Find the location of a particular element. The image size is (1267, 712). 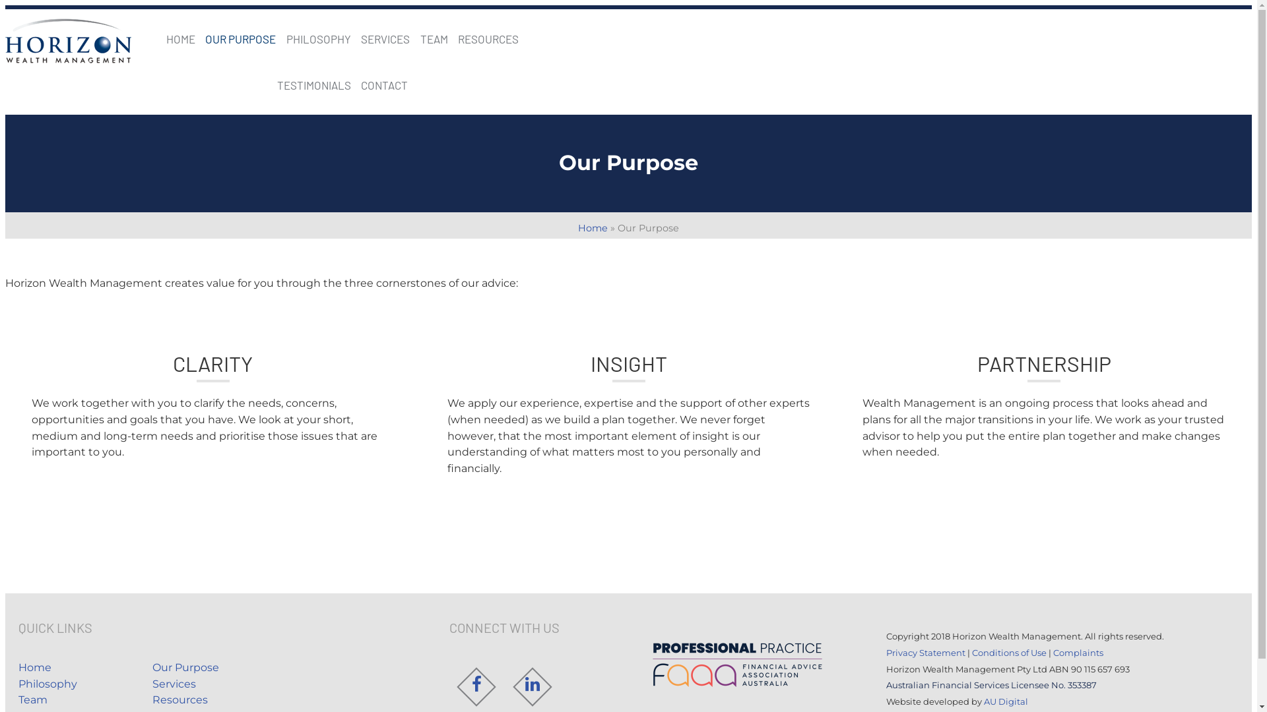

'Conditions of Use' is located at coordinates (1008, 653).